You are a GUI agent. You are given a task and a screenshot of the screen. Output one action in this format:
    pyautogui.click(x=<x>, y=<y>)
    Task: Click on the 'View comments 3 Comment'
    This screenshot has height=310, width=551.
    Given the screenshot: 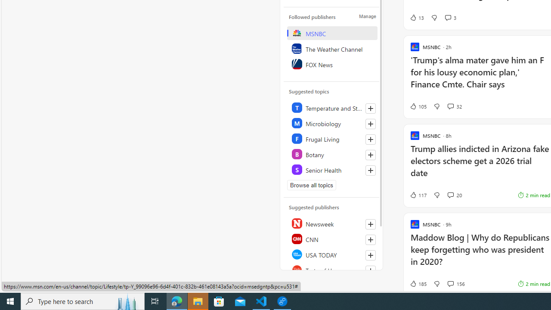 What is the action you would take?
    pyautogui.click(x=448, y=18)
    